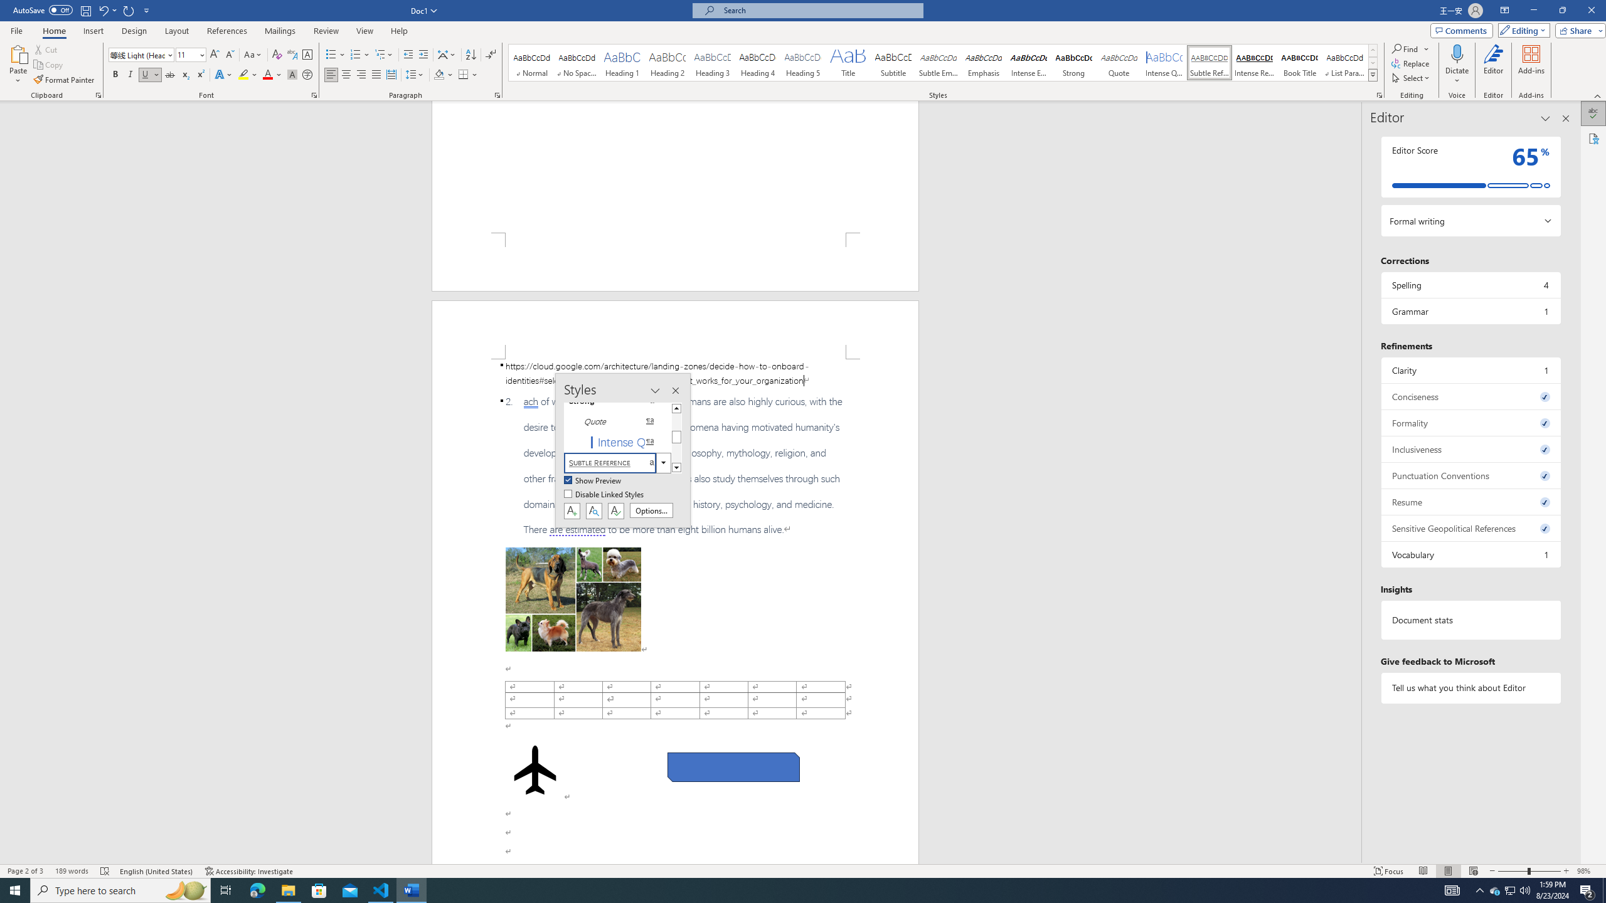  I want to click on 'Distributed', so click(391, 74).